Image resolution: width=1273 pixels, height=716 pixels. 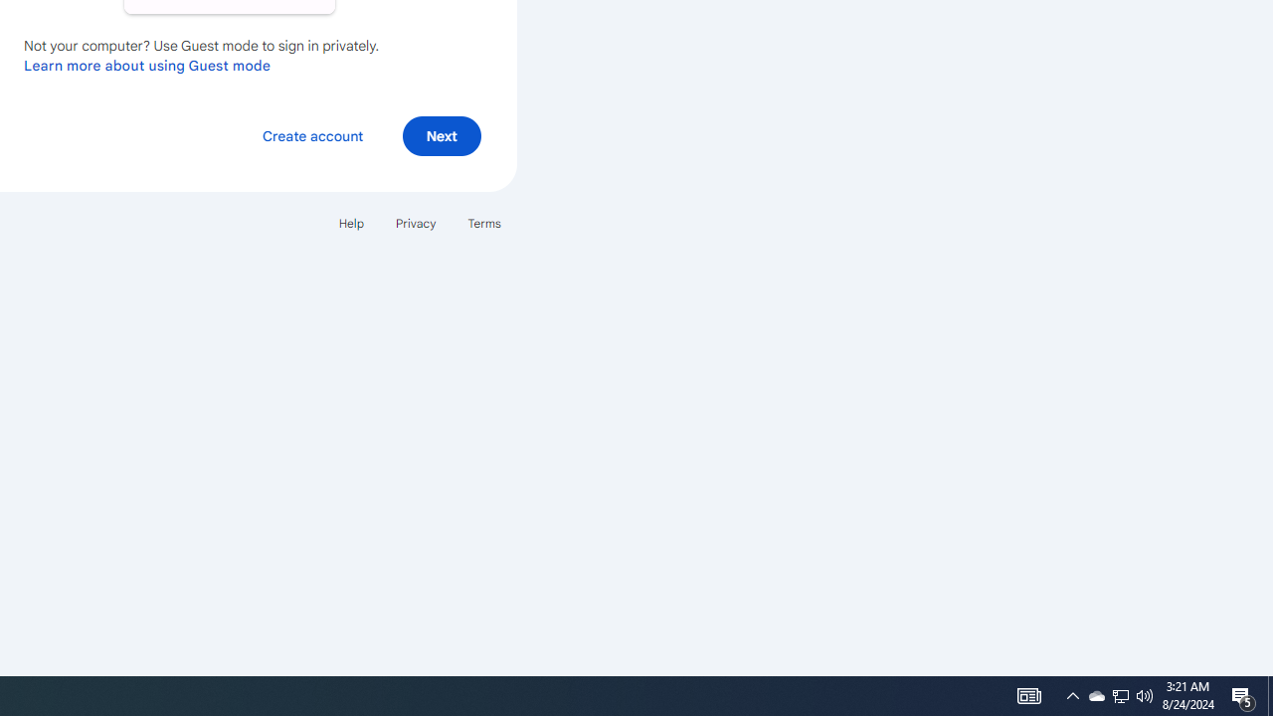 What do you see at coordinates (414, 223) in the screenshot?
I see `'Privacy'` at bounding box center [414, 223].